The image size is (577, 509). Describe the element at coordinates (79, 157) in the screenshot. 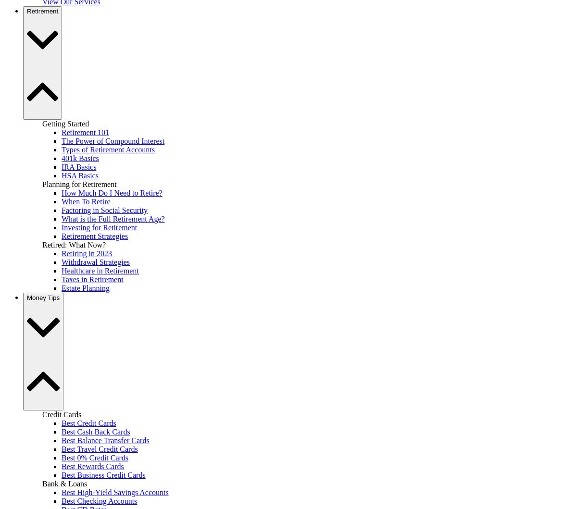

I see `'401k Basics'` at that location.